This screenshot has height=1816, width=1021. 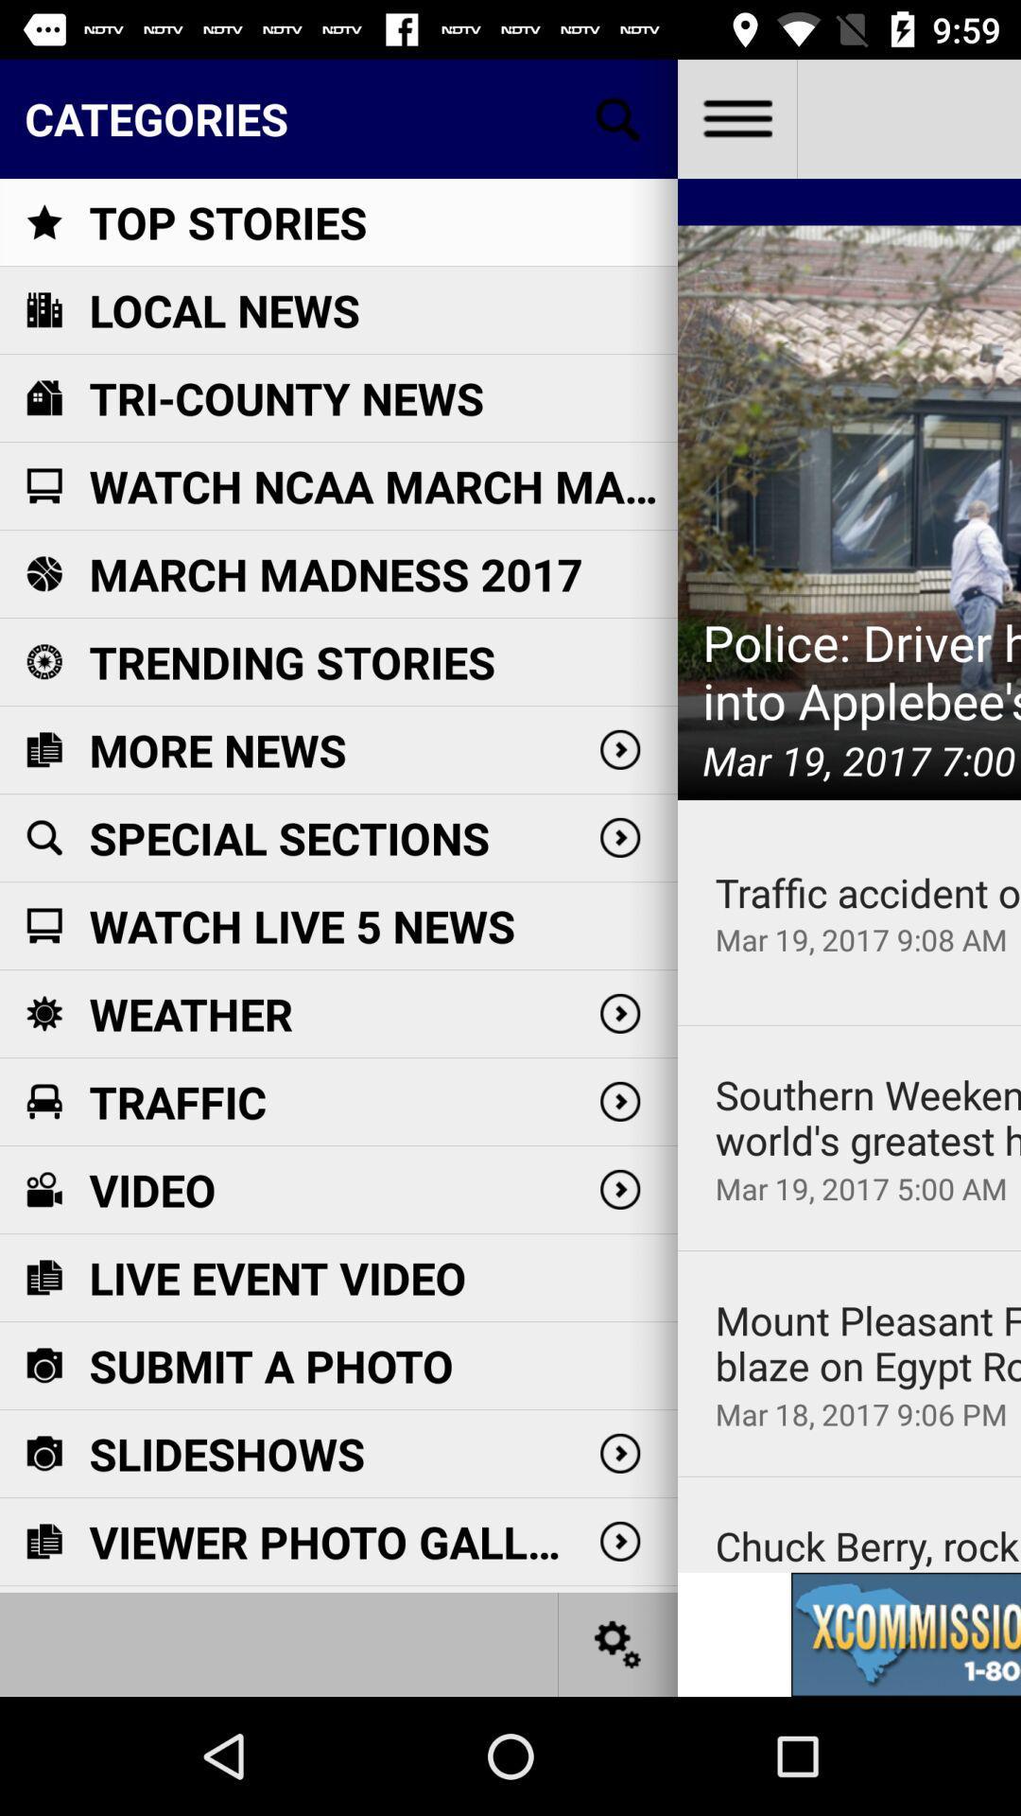 I want to click on the button right to the text video, so click(x=619, y=1188).